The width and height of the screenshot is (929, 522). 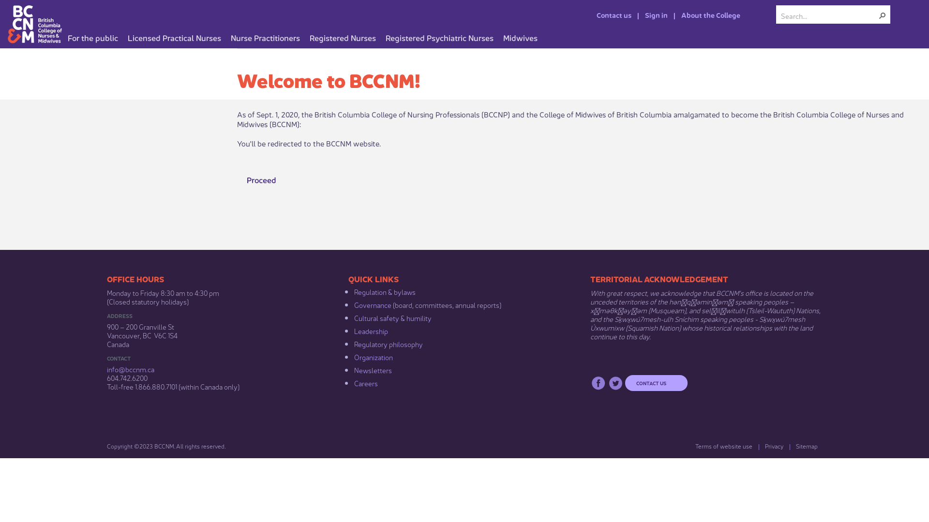 What do you see at coordinates (598, 382) in the screenshot?
I see `'Facebook'` at bounding box center [598, 382].